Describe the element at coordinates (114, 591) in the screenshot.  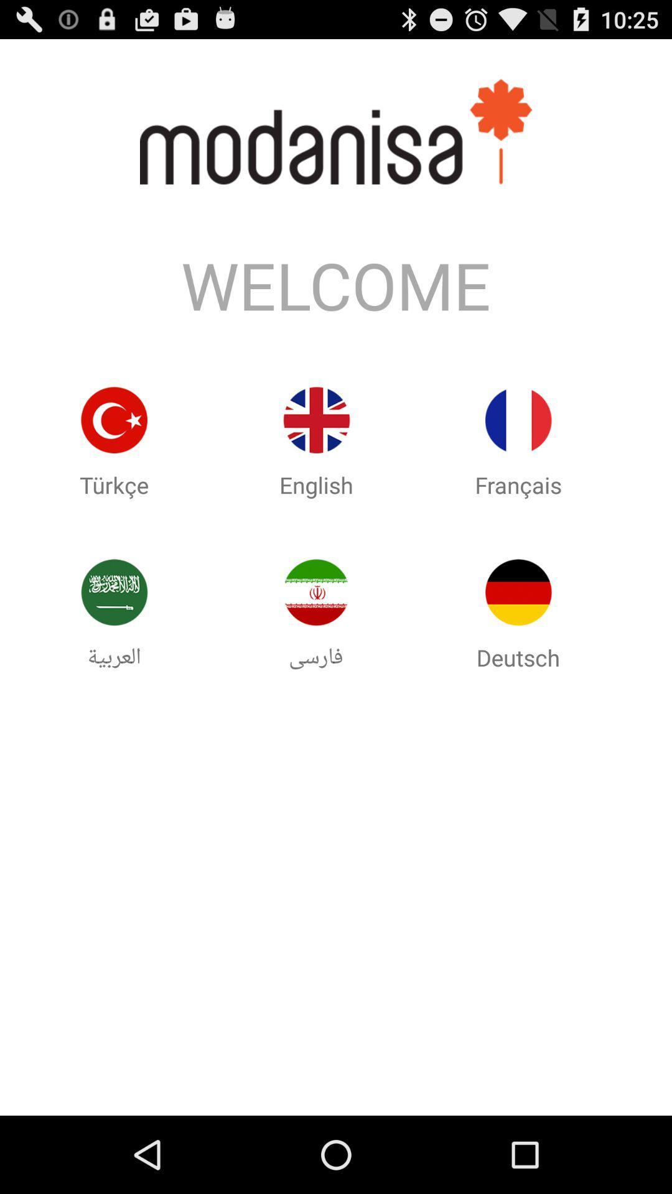
I see `click on country flag` at that location.